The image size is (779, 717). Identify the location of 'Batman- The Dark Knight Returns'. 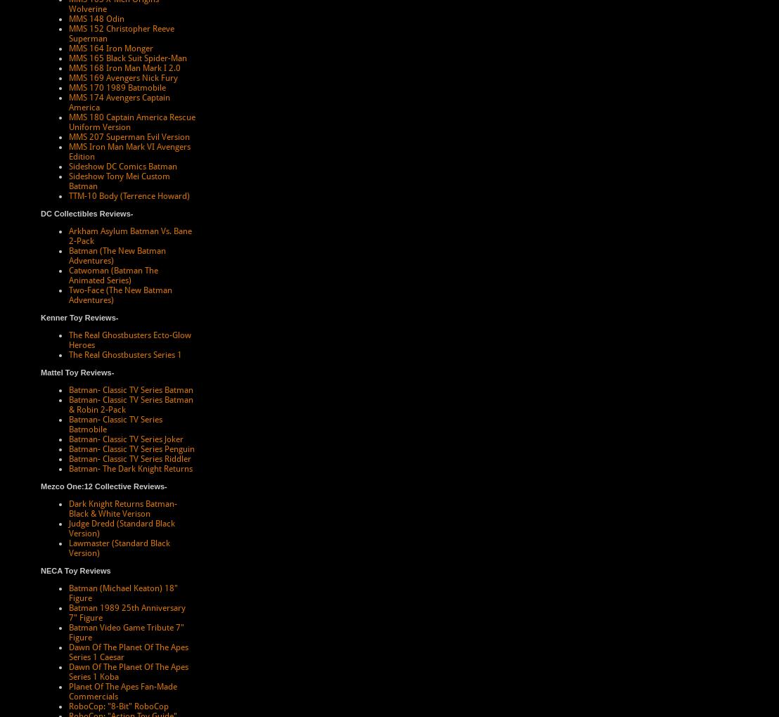
(131, 468).